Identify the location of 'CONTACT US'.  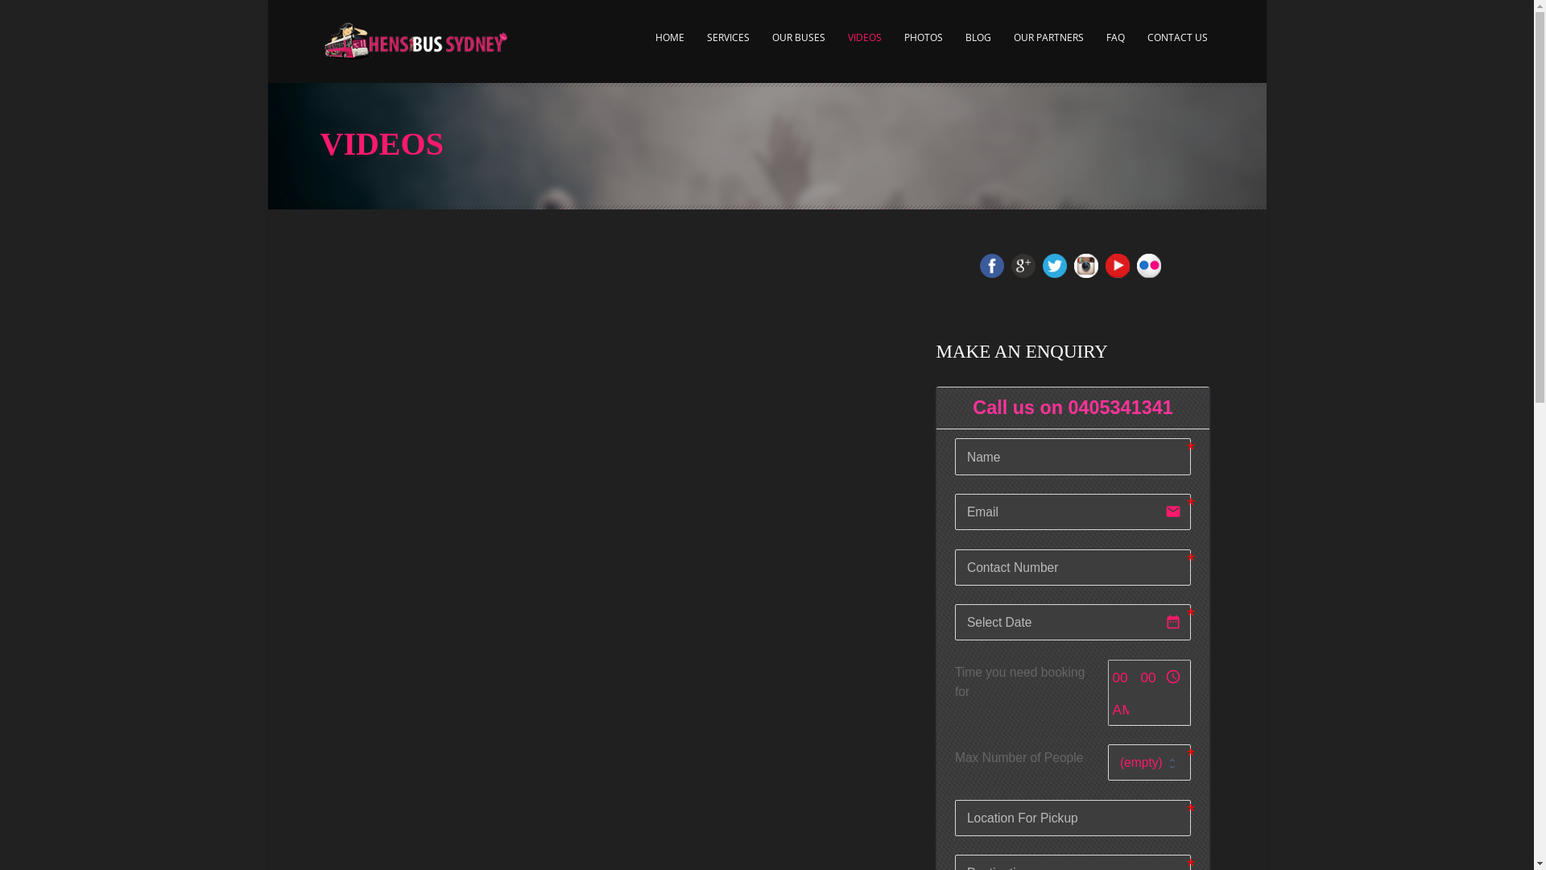
(1177, 45).